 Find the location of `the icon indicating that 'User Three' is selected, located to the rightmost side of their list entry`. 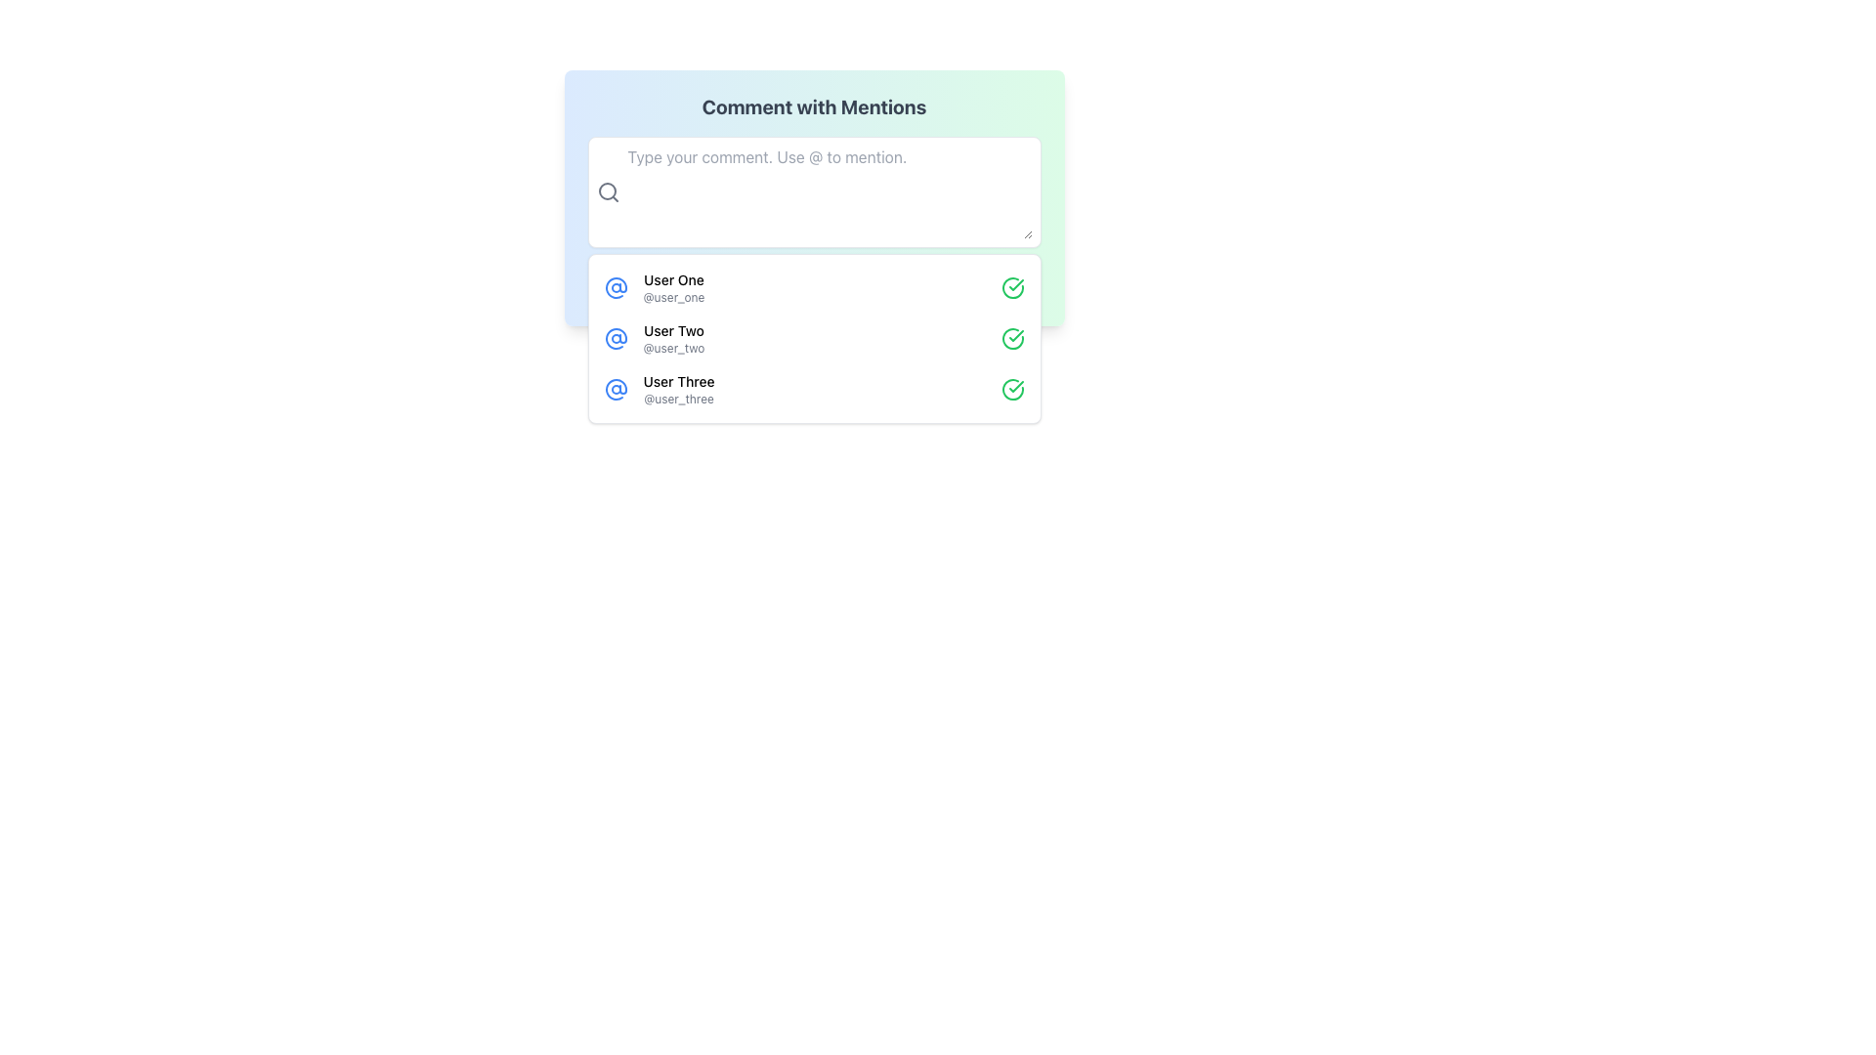

the icon indicating that 'User Three' is selected, located to the rightmost side of their list entry is located at coordinates (1012, 389).